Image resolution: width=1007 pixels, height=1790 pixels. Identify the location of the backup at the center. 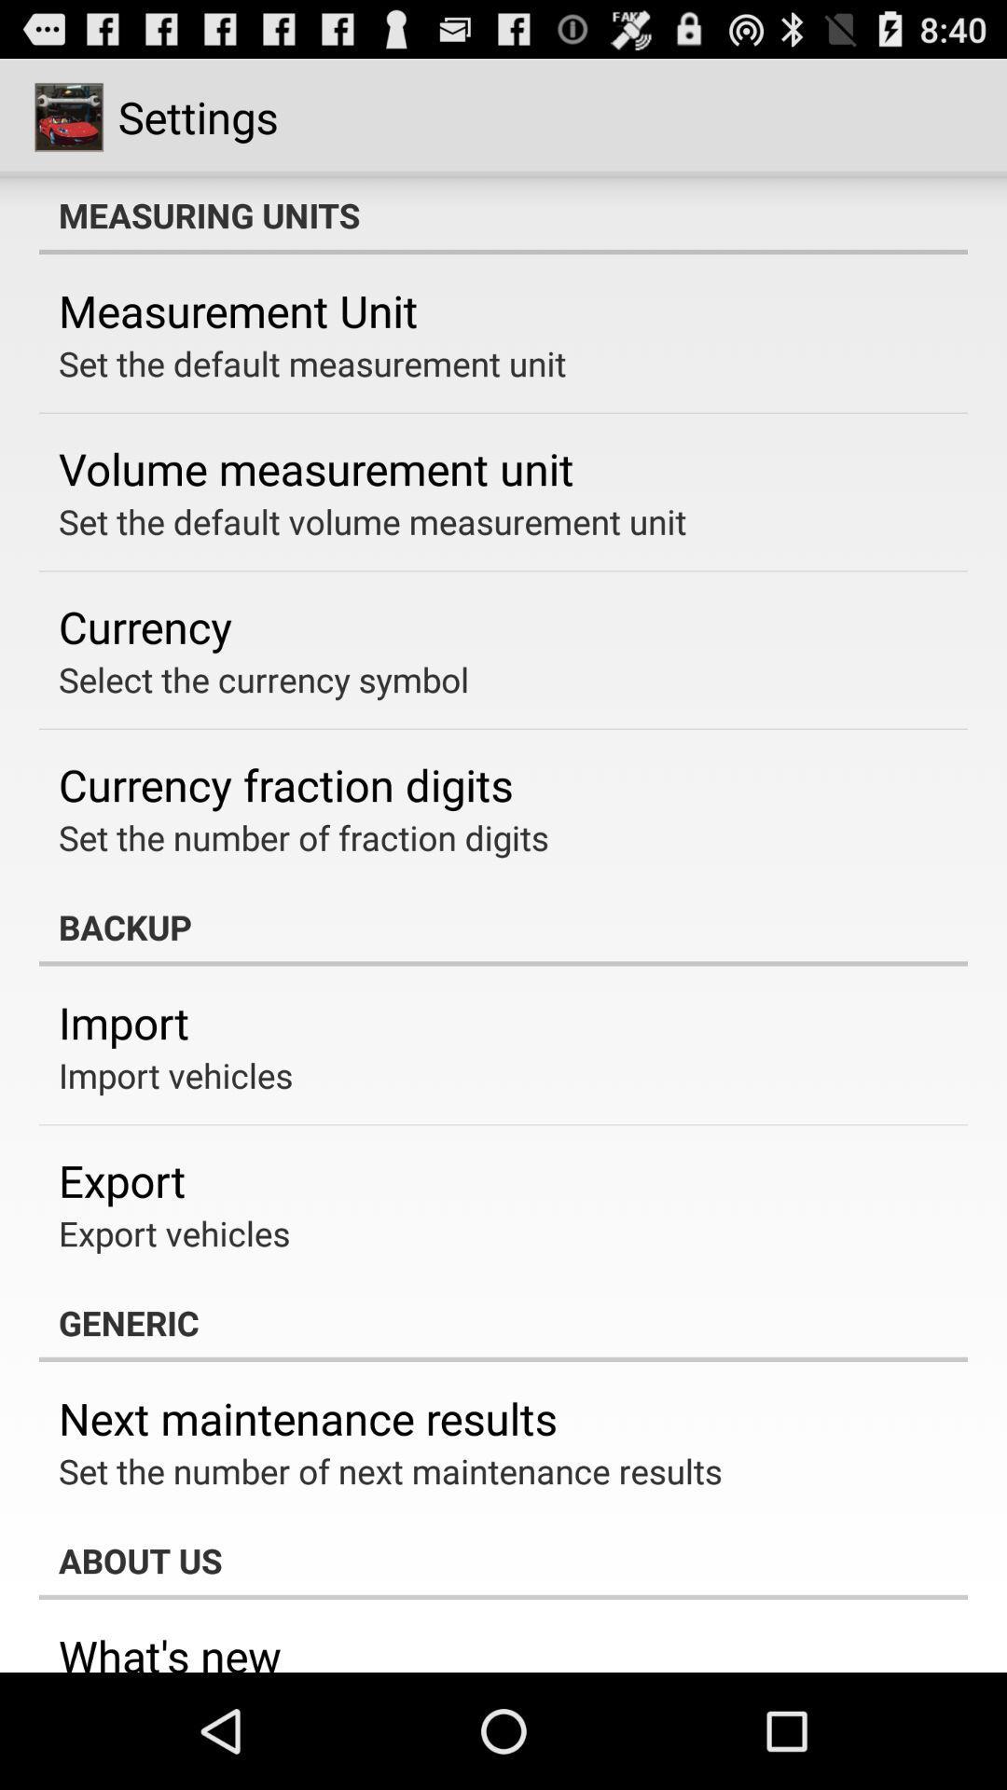
(504, 927).